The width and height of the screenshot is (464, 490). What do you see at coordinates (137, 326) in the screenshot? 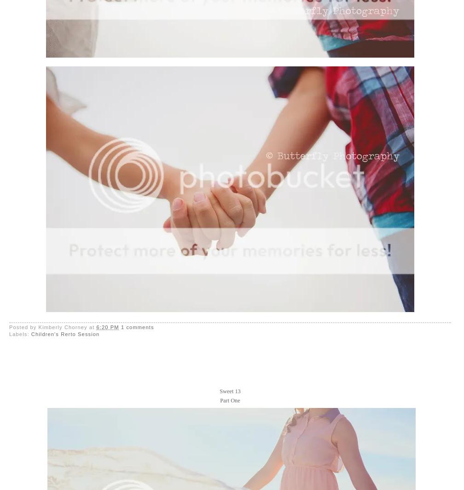
I see `'1 comments'` at bounding box center [137, 326].